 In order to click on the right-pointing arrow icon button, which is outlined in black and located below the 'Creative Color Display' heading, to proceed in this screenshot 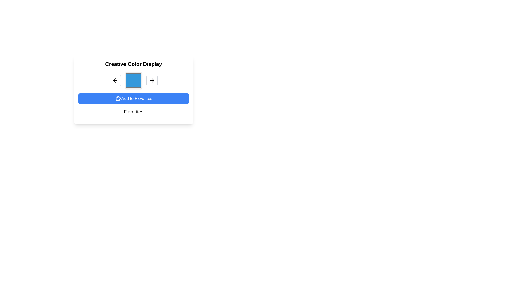, I will do `click(152, 81)`.